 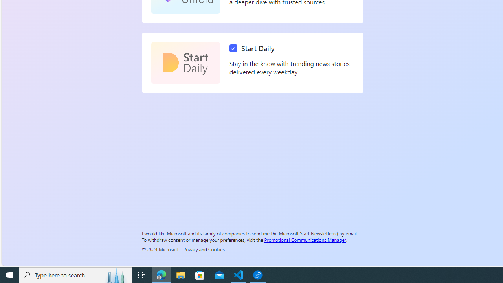 I want to click on 'Promotional Communications Manager', so click(x=305, y=239).